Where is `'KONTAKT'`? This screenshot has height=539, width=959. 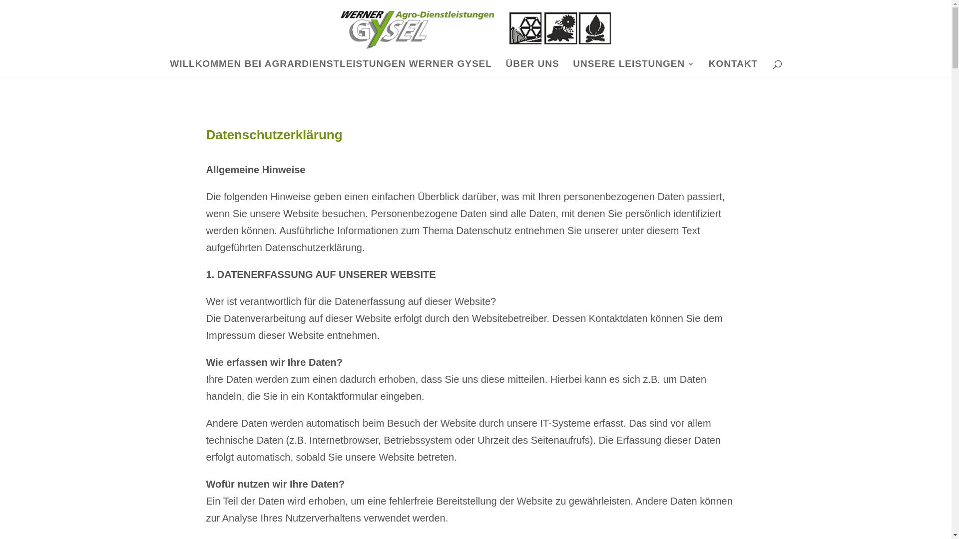 'KONTAKT' is located at coordinates (733, 68).